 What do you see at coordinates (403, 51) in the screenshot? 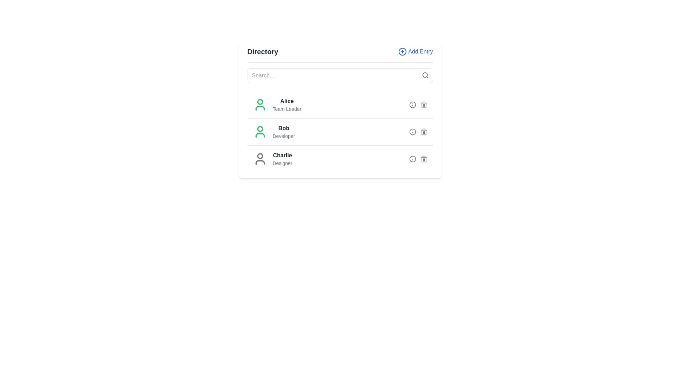
I see `the icon for adding a new entry to the directory` at bounding box center [403, 51].